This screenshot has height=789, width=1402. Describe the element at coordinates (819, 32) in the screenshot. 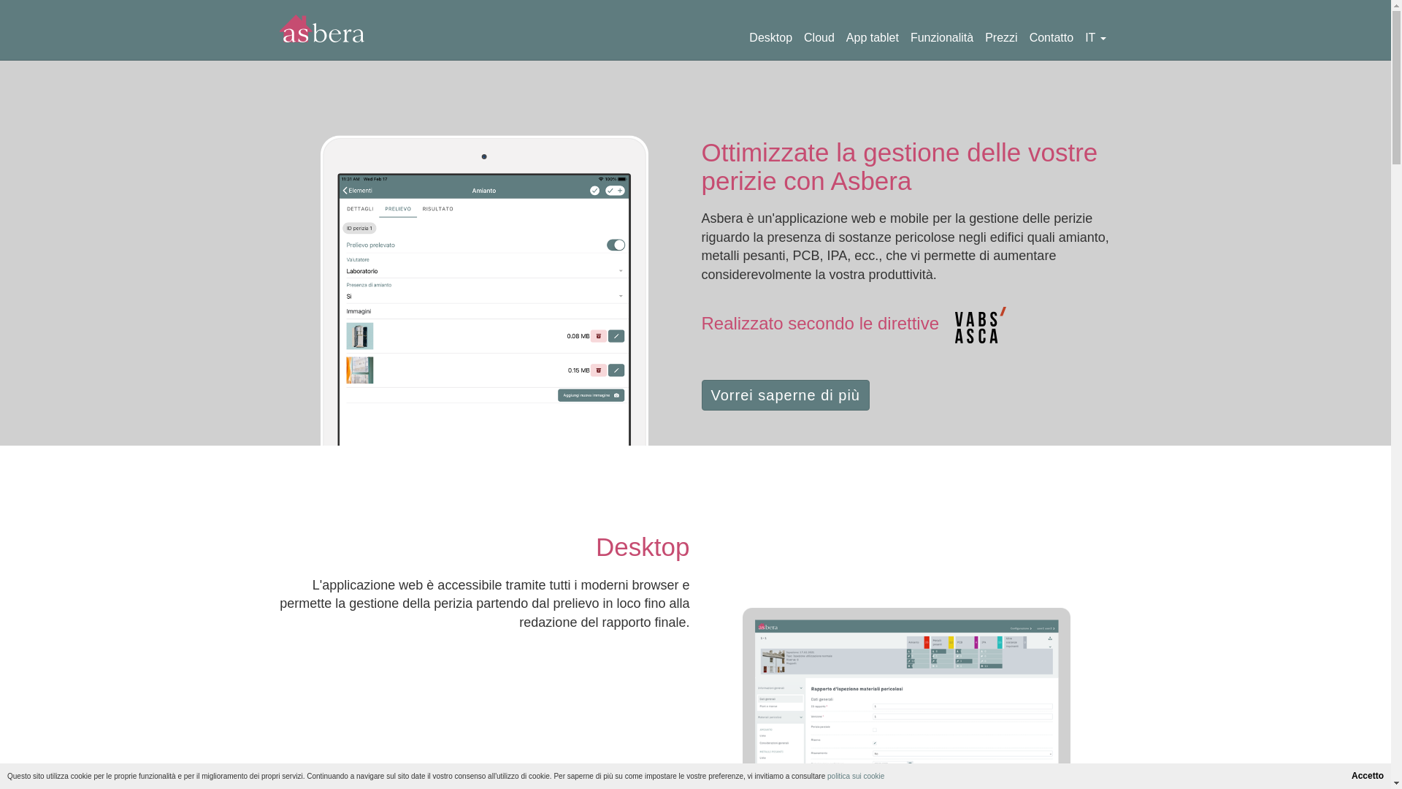

I see `'Cloud'` at that location.